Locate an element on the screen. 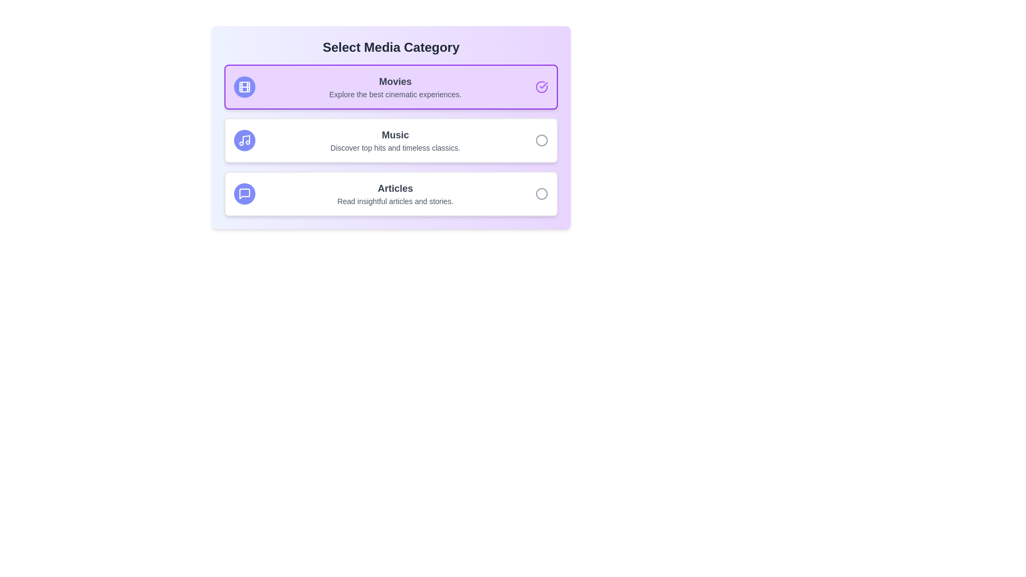 Image resolution: width=1026 pixels, height=577 pixels. the text label reading 'Discover top hits and timeless classics.' which is styled with a gray font and positioned below the 'Music' category is located at coordinates (394, 148).